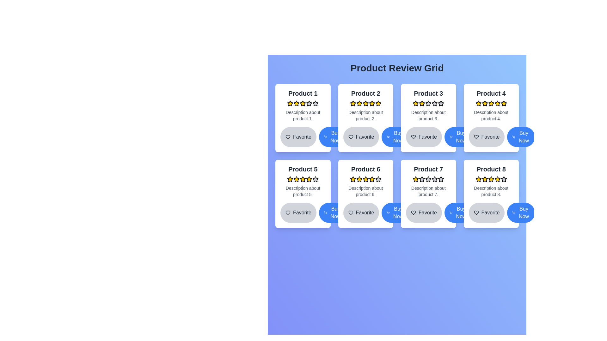 The height and width of the screenshot is (341, 607). Describe the element at coordinates (514, 213) in the screenshot. I see `the shopping cart SVG icon located within the 'Buy Now' button for 'Product 8', which is positioned at the bottom-right corner of the grid layout` at that location.